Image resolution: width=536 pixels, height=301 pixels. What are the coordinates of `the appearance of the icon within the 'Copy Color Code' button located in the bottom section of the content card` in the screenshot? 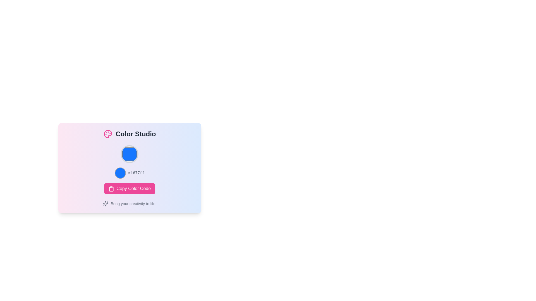 It's located at (111, 188).